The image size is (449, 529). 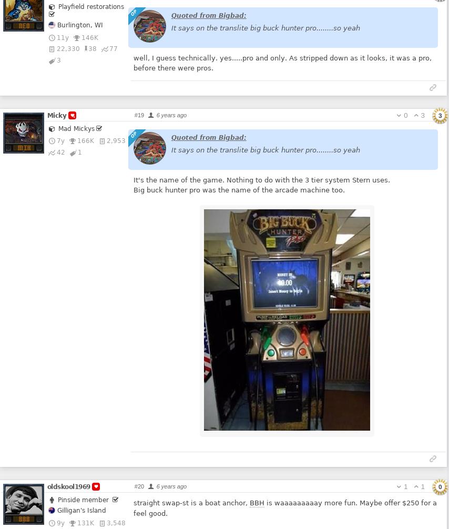 What do you see at coordinates (89, 37) in the screenshot?
I see `'146K'` at bounding box center [89, 37].